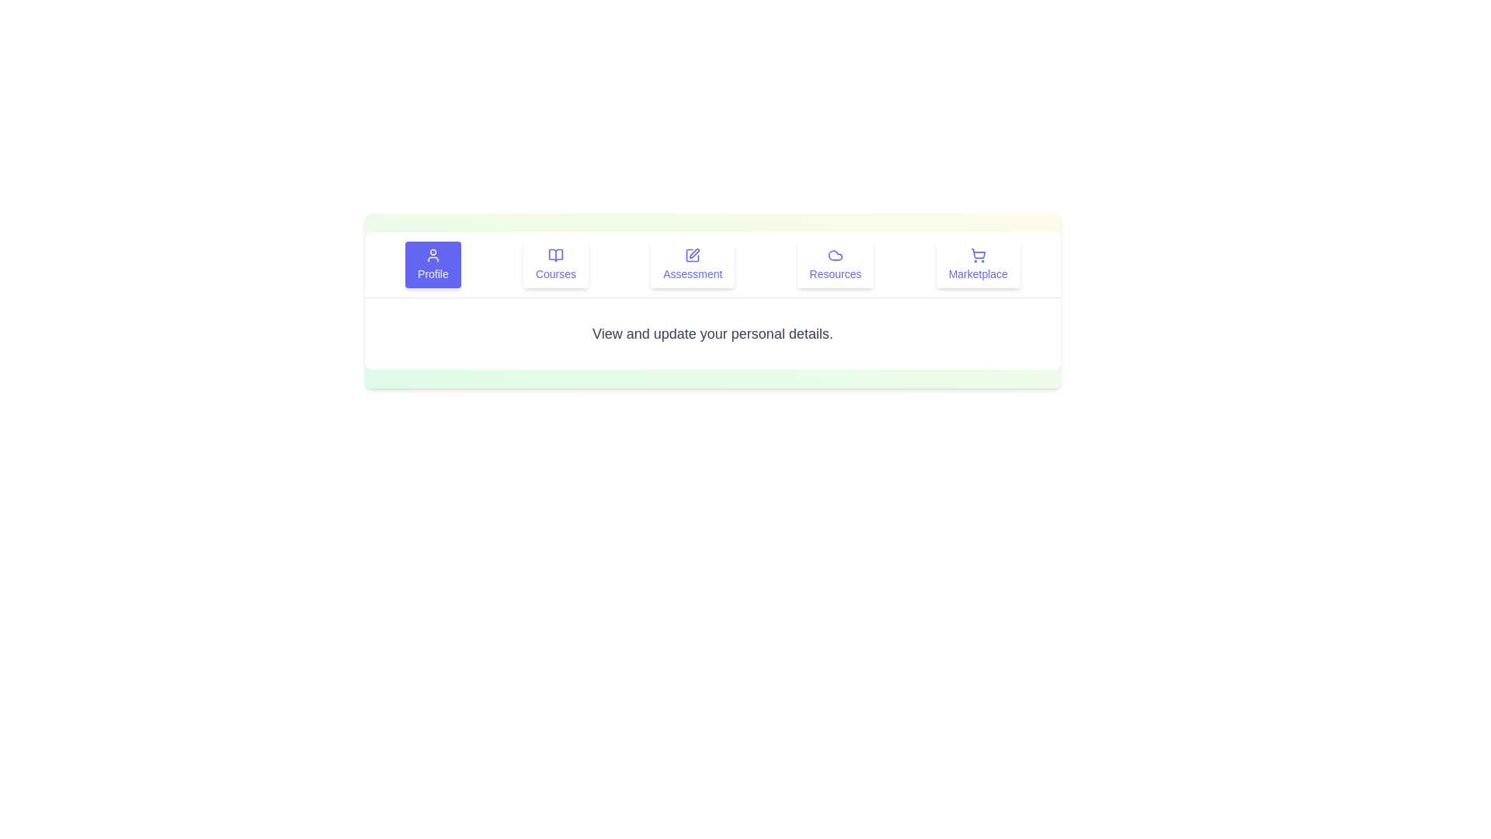 This screenshot has width=1491, height=839. I want to click on the shopping cart SVG icon located in the 'Marketplace' card, positioned towards the top center-right of the page, so click(977, 252).